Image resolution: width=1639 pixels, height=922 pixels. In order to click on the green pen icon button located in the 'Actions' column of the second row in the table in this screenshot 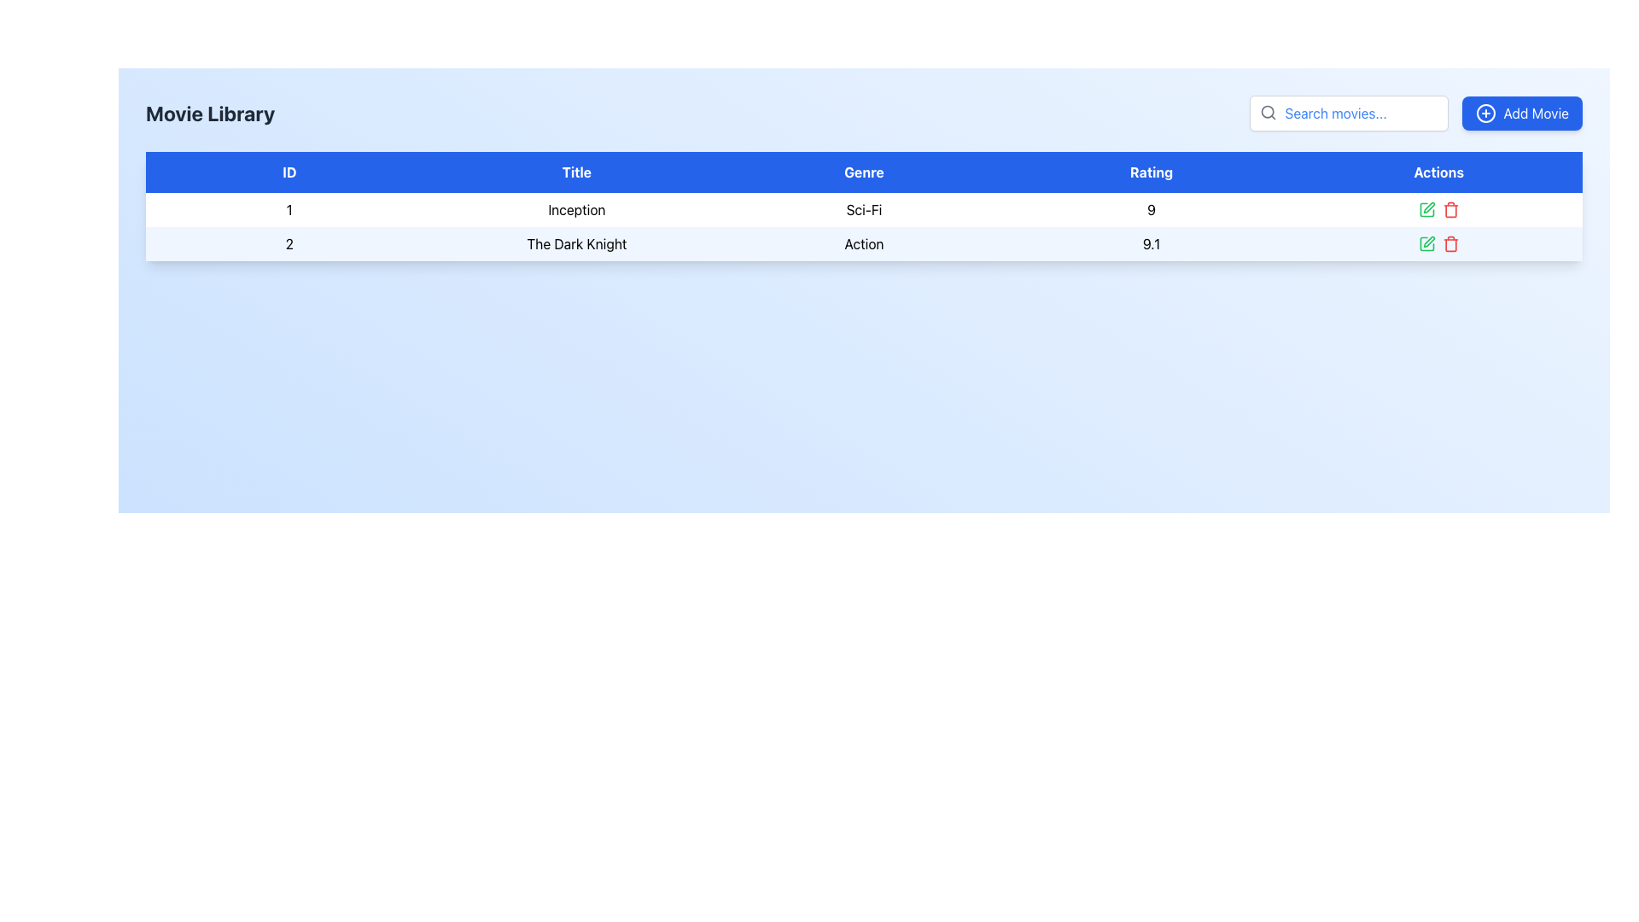, I will do `click(1426, 243)`.